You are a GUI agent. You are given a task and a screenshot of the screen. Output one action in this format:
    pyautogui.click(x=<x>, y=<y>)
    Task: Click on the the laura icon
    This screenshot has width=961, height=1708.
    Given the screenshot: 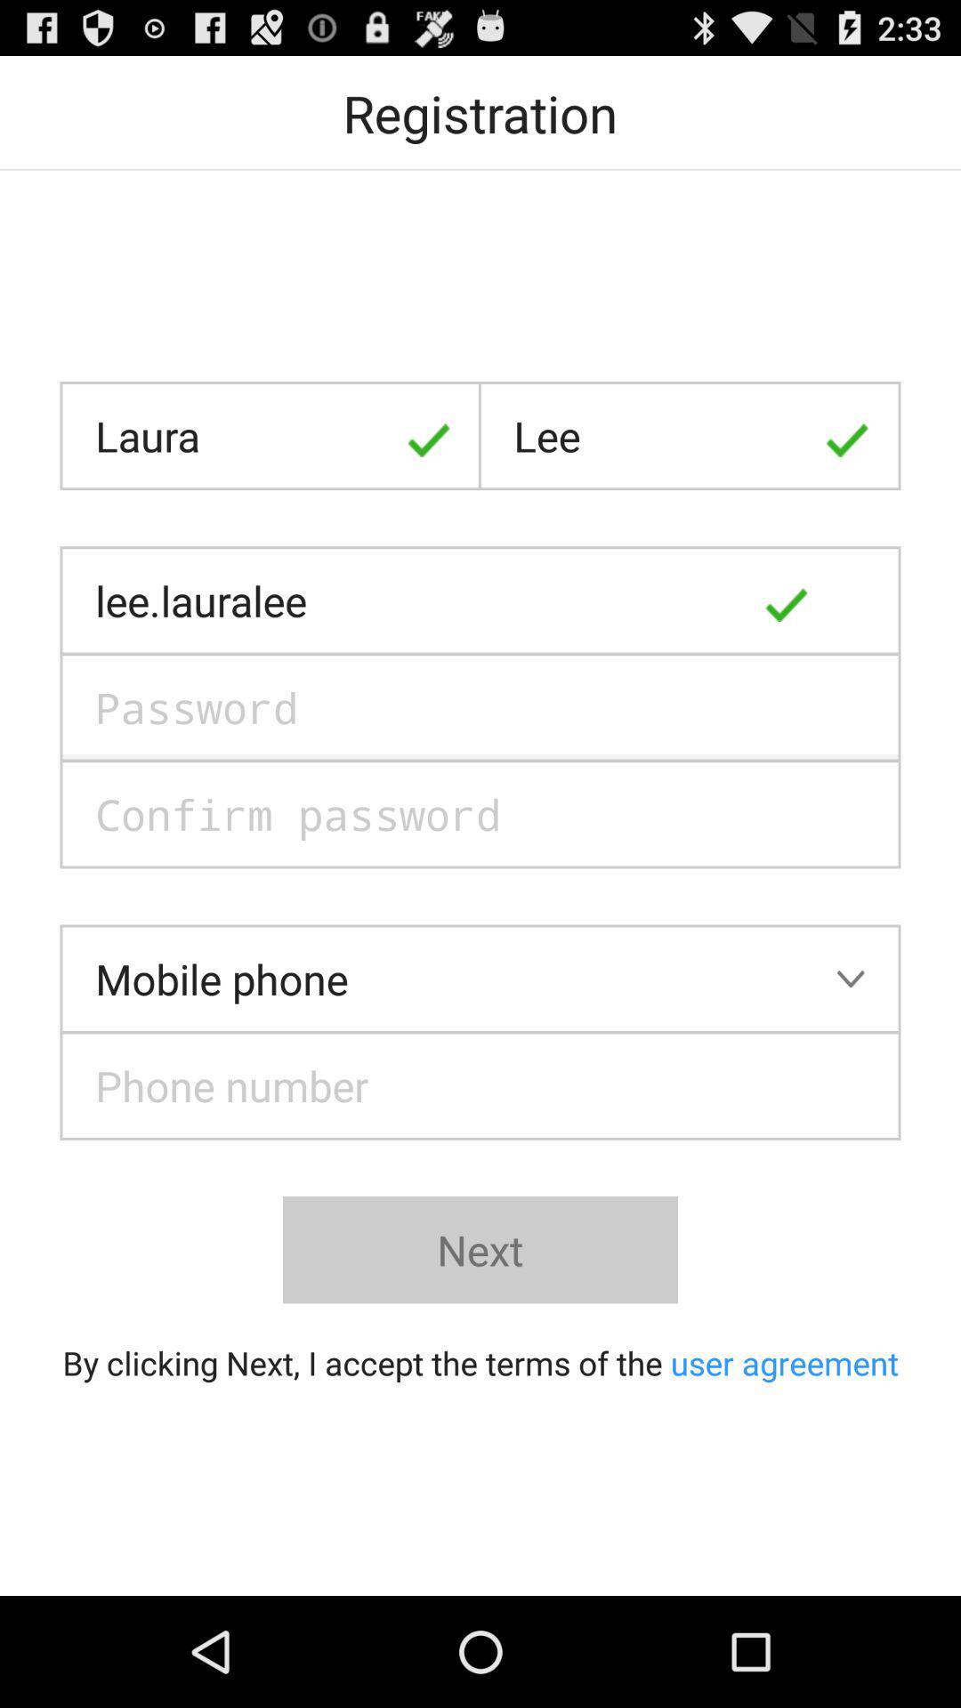 What is the action you would take?
    pyautogui.click(x=271, y=436)
    